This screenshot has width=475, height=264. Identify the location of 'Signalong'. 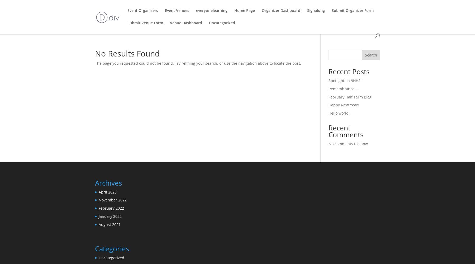
(307, 10).